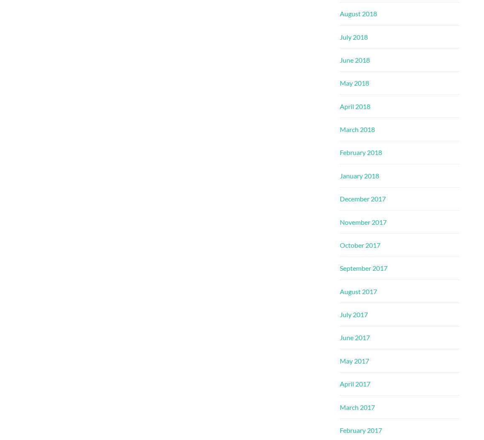 This screenshot has height=440, width=484. What do you see at coordinates (353, 314) in the screenshot?
I see `'July 2017'` at bounding box center [353, 314].